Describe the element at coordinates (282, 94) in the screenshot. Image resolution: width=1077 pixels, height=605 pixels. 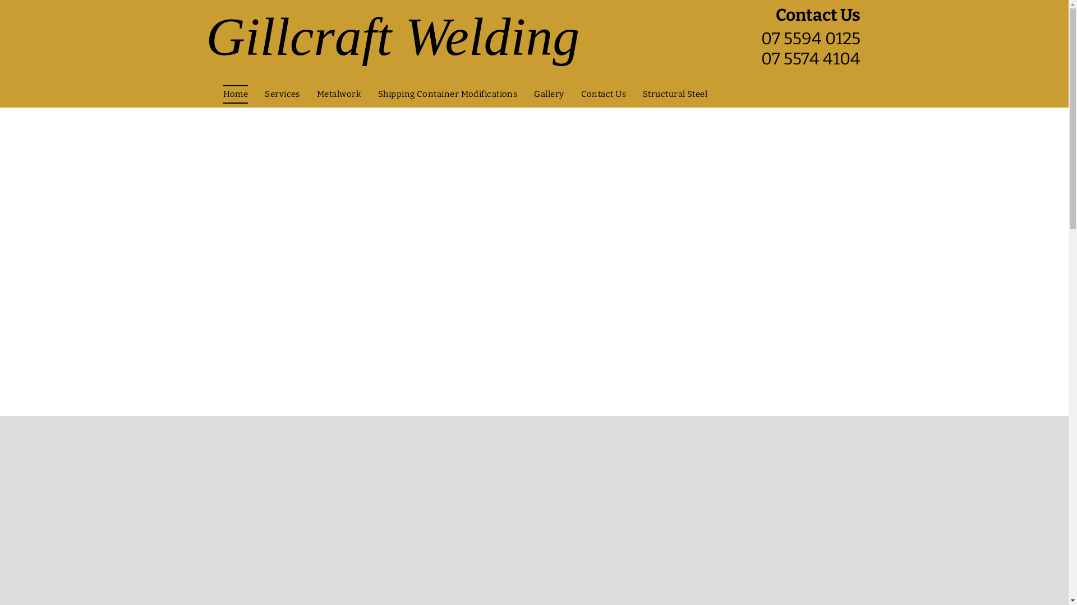
I see `'Services'` at that location.